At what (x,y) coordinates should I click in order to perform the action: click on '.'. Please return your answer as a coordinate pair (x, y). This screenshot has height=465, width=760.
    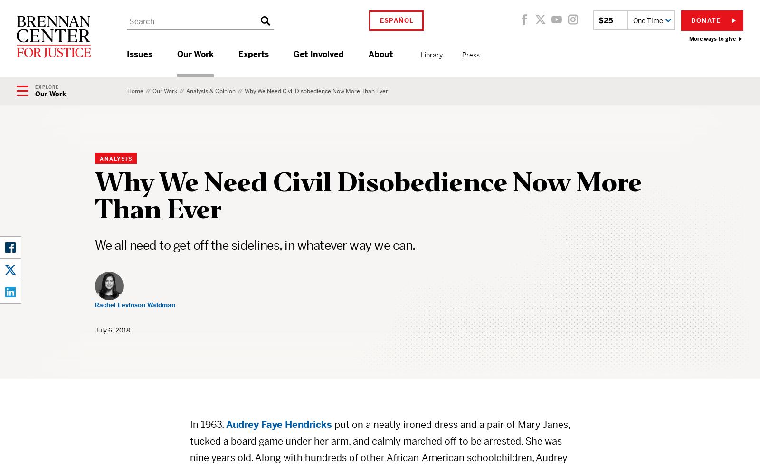
    Looking at the image, I should click on (237, 86).